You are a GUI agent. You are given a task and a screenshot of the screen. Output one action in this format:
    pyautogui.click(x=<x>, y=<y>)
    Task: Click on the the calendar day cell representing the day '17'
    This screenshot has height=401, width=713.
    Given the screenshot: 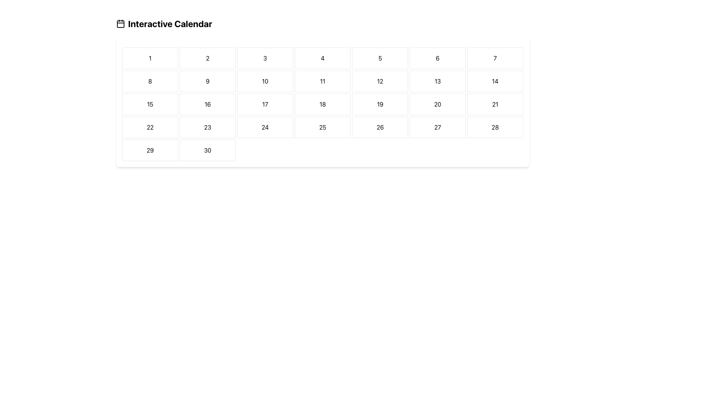 What is the action you would take?
    pyautogui.click(x=265, y=104)
    